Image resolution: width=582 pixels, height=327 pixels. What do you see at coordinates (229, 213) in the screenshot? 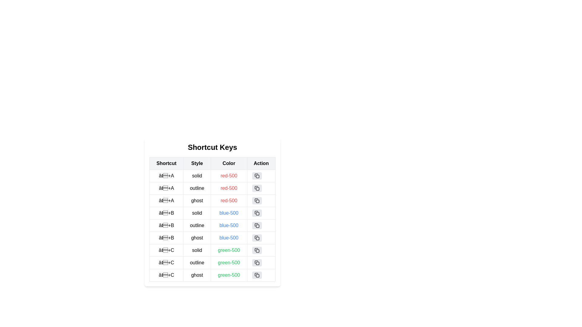
I see `the text 'blue-500' styled in blue font, located in the third row under the 'Color' column of the 'Shortcut Keys' table` at bounding box center [229, 213].